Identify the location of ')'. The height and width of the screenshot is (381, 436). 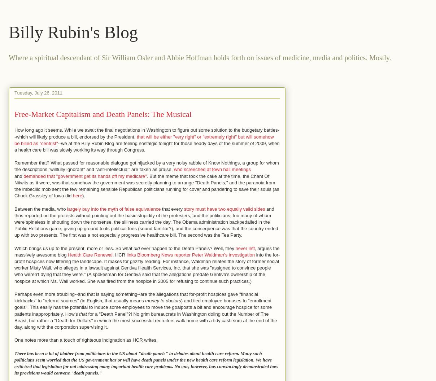
(180, 301).